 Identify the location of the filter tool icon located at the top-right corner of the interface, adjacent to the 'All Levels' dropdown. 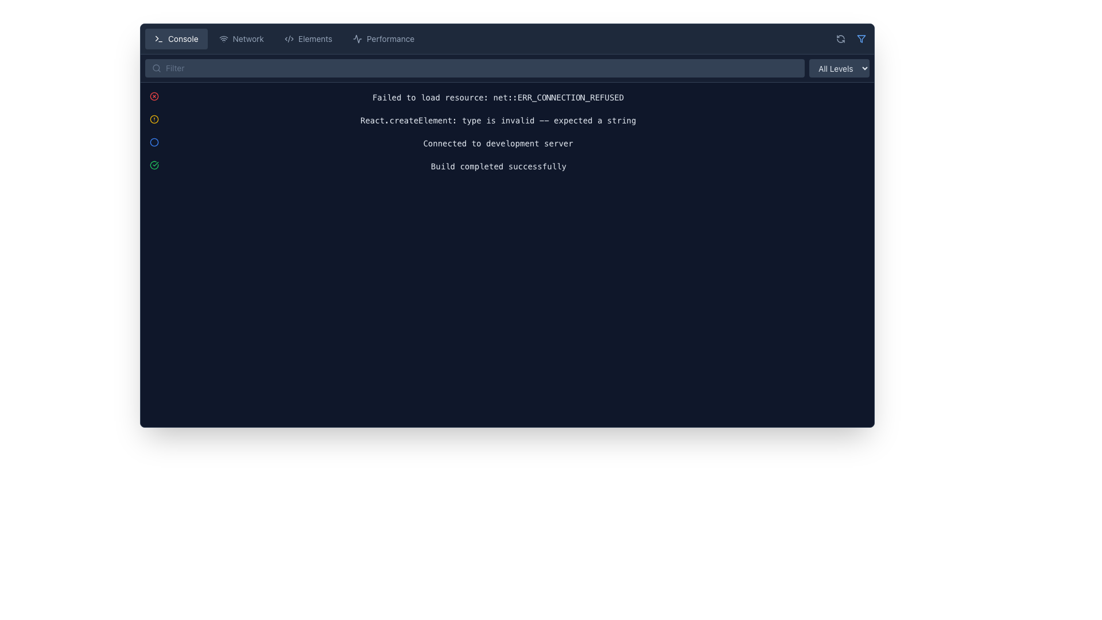
(862, 38).